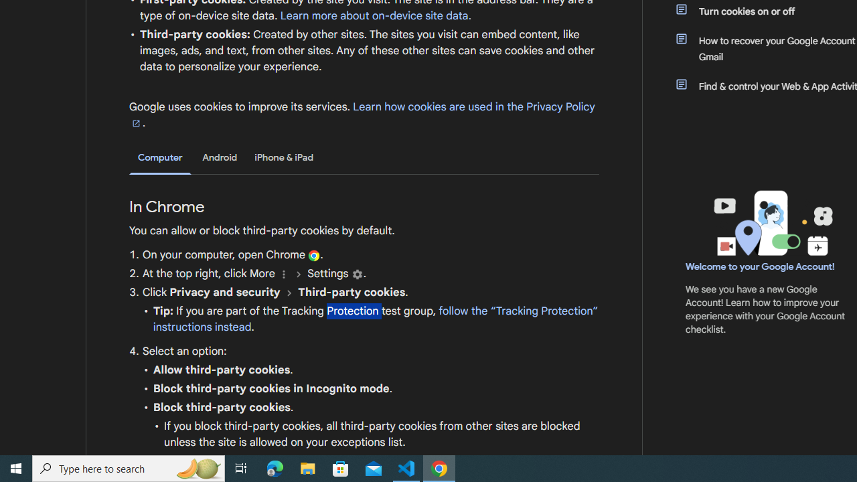 The height and width of the screenshot is (482, 857). I want to click on 'Learn more about on-device site data.', so click(375, 15).